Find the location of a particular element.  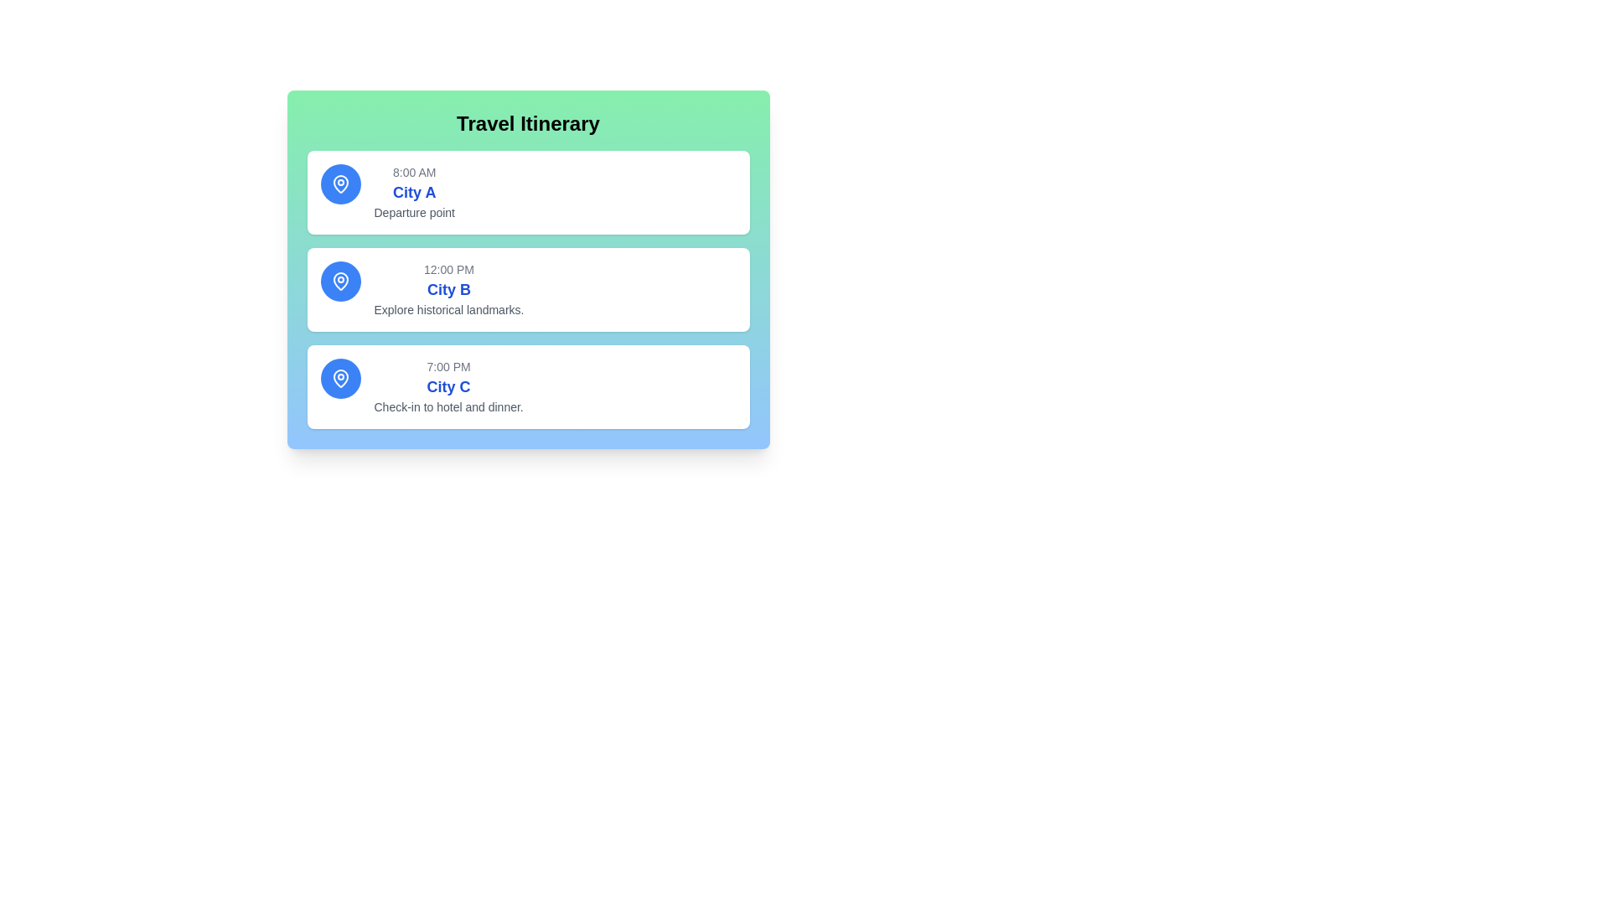

the Text label that details the name of the destination 'City B' in the middle section of the travel itinerary interface is located at coordinates (449, 289).